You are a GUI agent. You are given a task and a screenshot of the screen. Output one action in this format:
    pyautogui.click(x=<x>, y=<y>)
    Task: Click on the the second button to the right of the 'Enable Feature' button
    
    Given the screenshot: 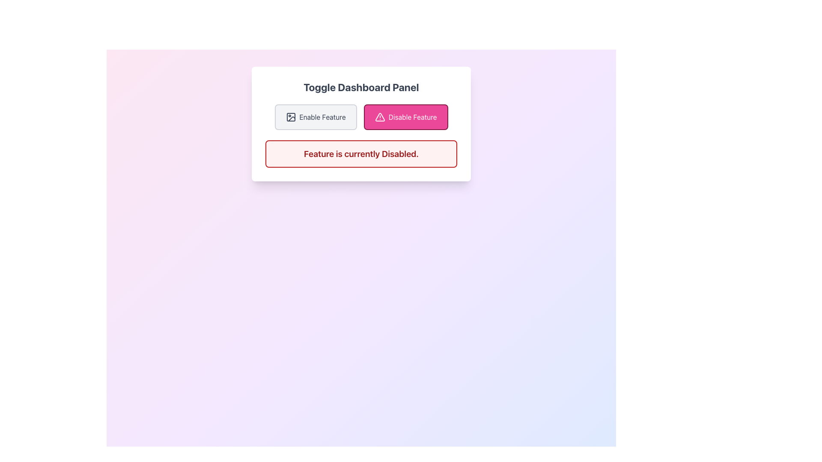 What is the action you would take?
    pyautogui.click(x=405, y=117)
    